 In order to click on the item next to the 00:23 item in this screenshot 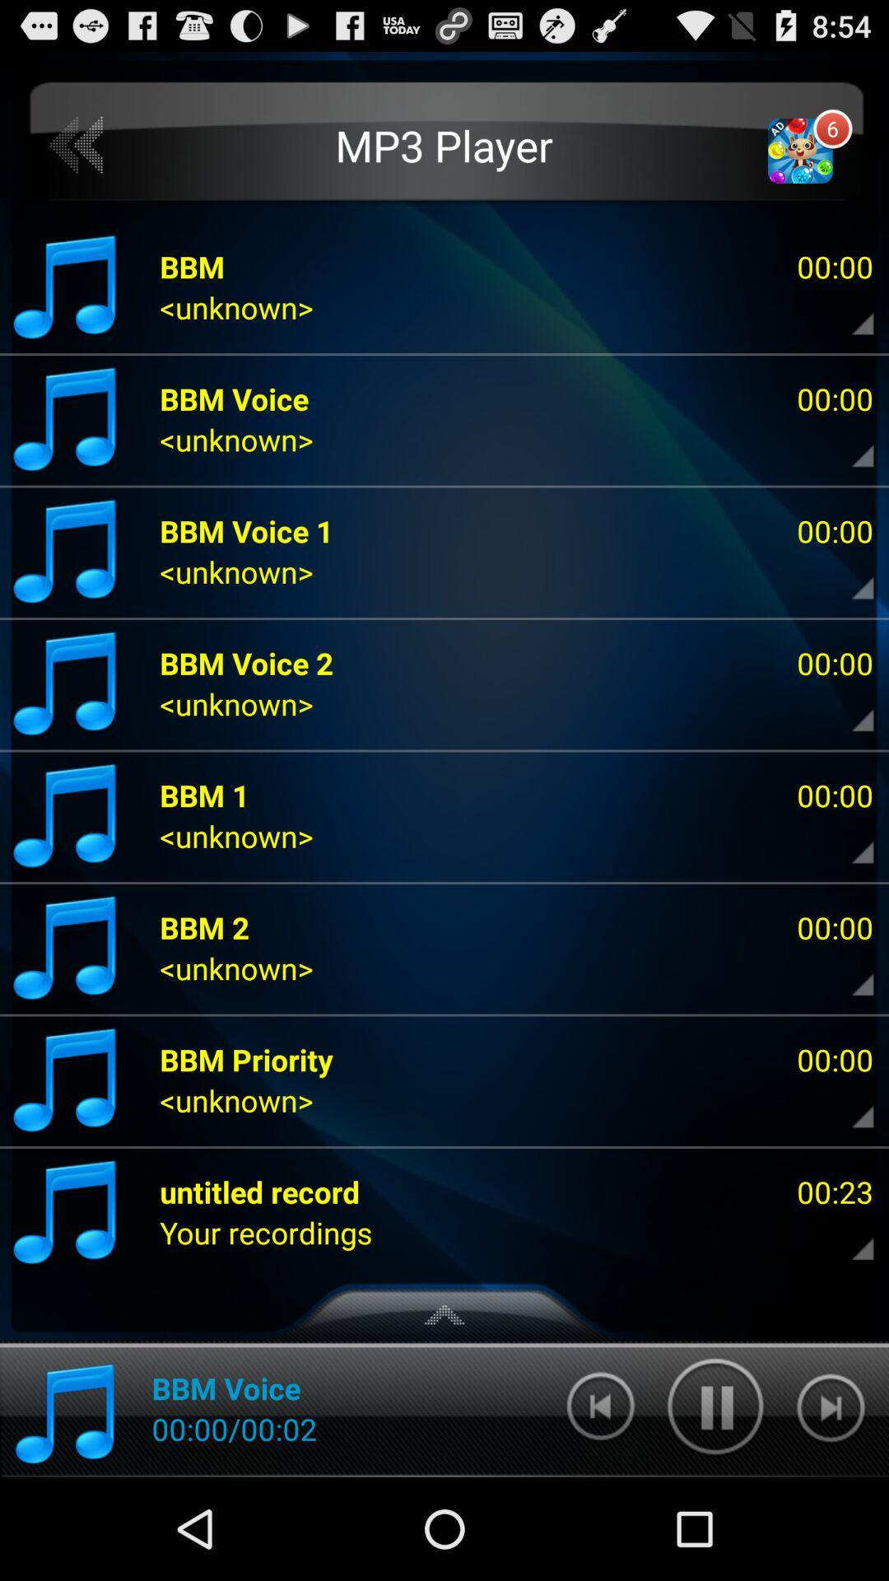, I will do `click(259, 1192)`.